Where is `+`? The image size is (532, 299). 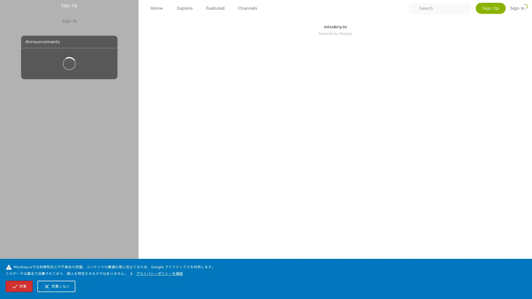
+ is located at coordinates (211, 86).